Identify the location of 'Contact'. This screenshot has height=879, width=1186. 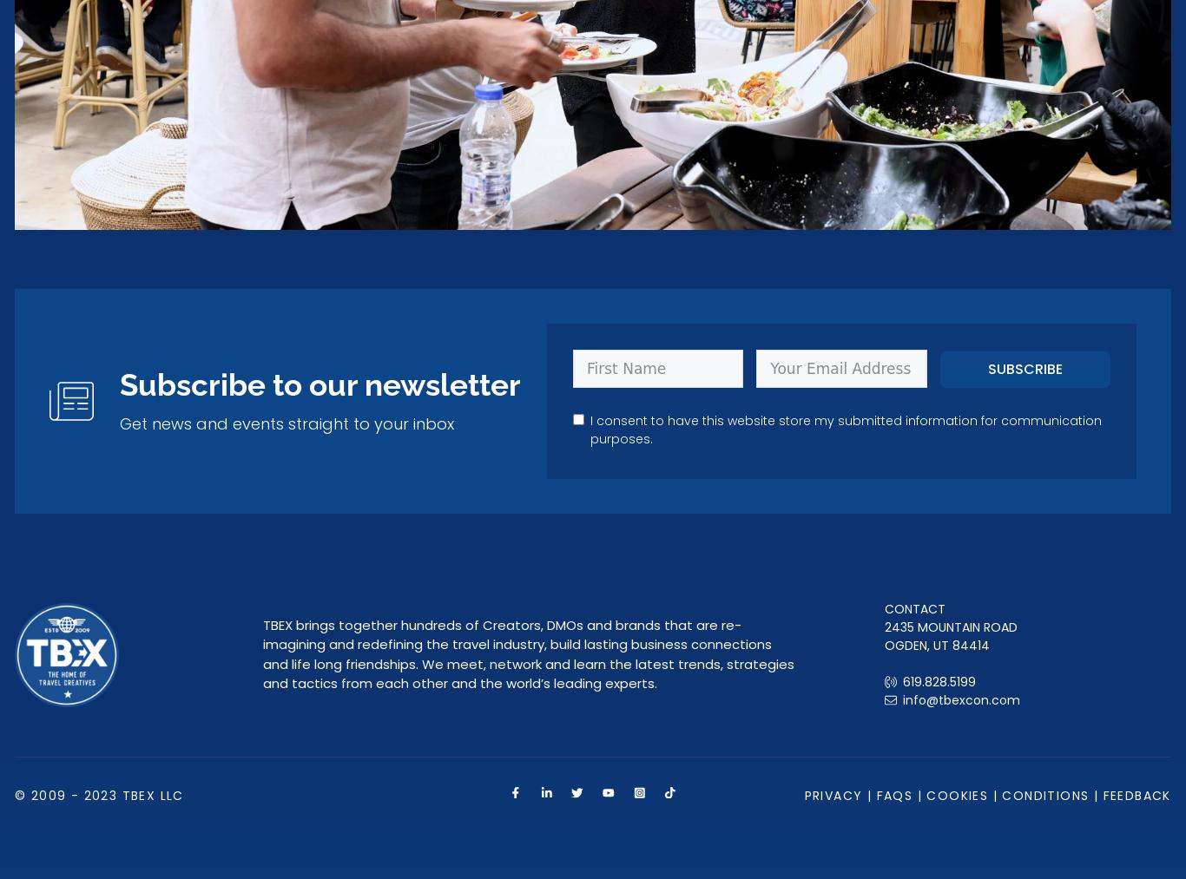
(885, 607).